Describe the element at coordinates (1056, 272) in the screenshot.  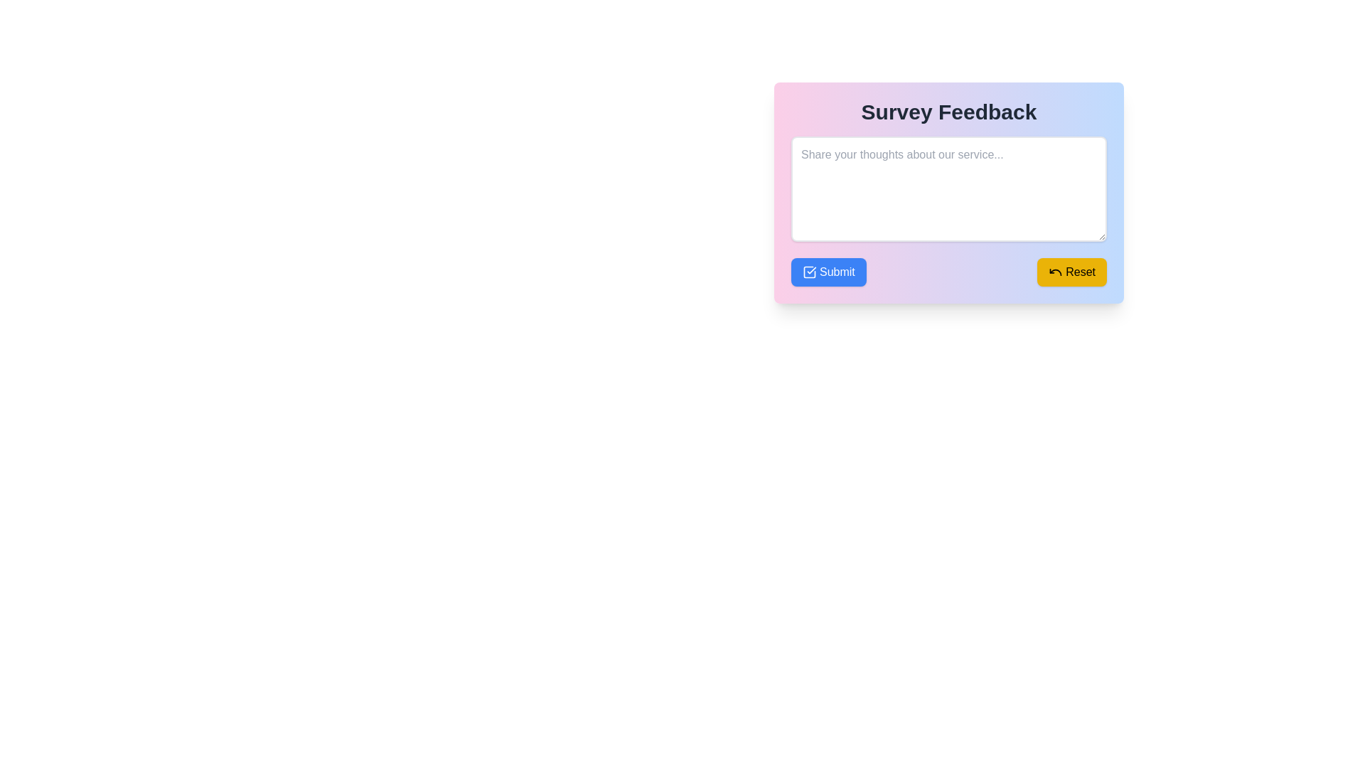
I see `the undo icon located to the left of the 'Reset' text within the yellow button at the bottom-right of the feedback form` at that location.